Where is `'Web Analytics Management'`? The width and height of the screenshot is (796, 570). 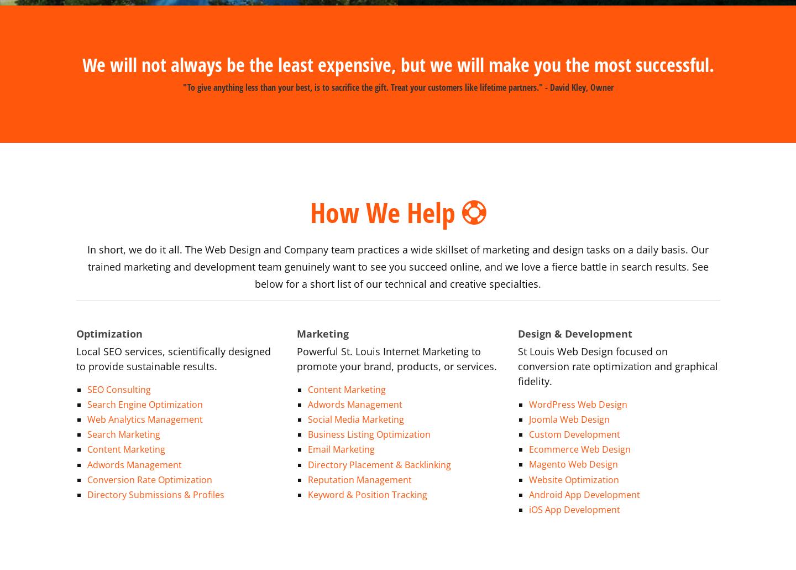 'Web Analytics Management' is located at coordinates (144, 406).